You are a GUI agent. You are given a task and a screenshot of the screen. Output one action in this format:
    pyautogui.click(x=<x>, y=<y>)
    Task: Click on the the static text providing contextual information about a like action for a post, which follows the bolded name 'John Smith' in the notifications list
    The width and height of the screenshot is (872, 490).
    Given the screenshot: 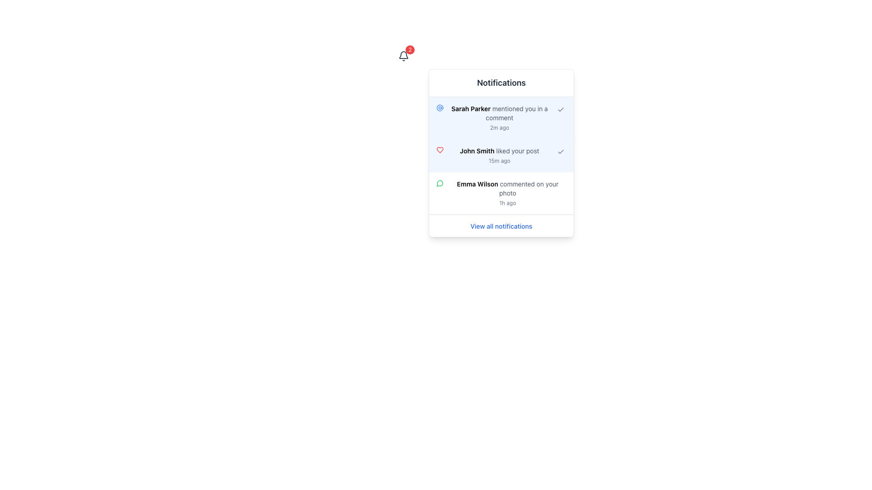 What is the action you would take?
    pyautogui.click(x=517, y=150)
    